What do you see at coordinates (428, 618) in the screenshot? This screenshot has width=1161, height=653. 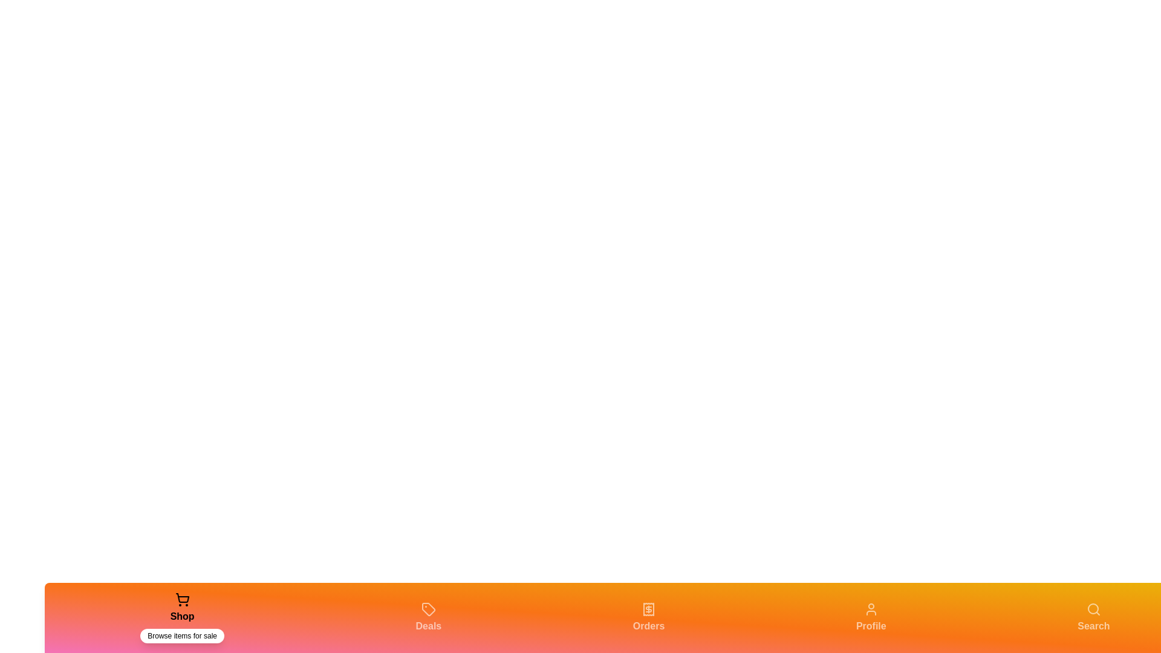 I see `the tab labeled 'Deals' to view its description` at bounding box center [428, 618].